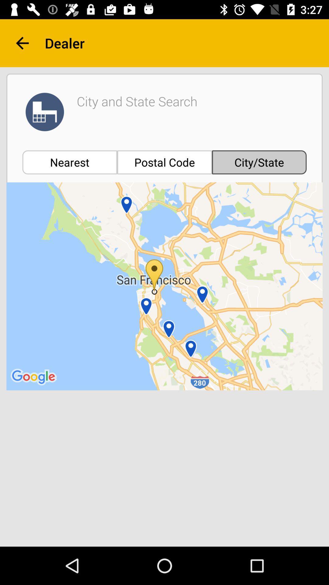 The height and width of the screenshot is (585, 329). What do you see at coordinates (22, 43) in the screenshot?
I see `the icon next to the dealer item` at bounding box center [22, 43].